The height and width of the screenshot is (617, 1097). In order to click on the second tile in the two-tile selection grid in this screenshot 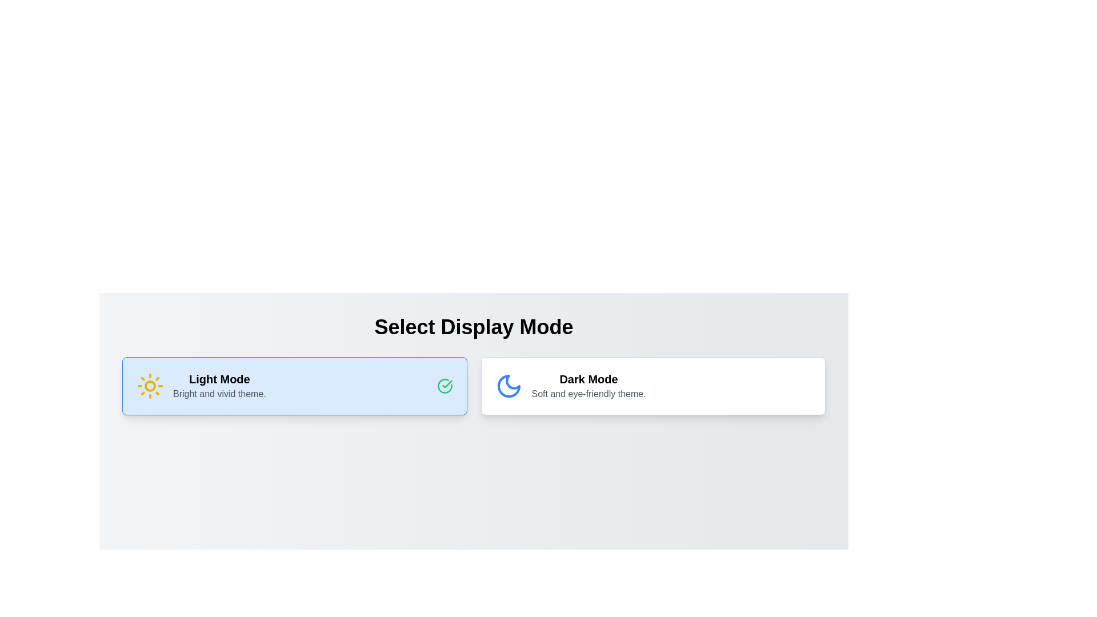, I will do `click(652, 386)`.